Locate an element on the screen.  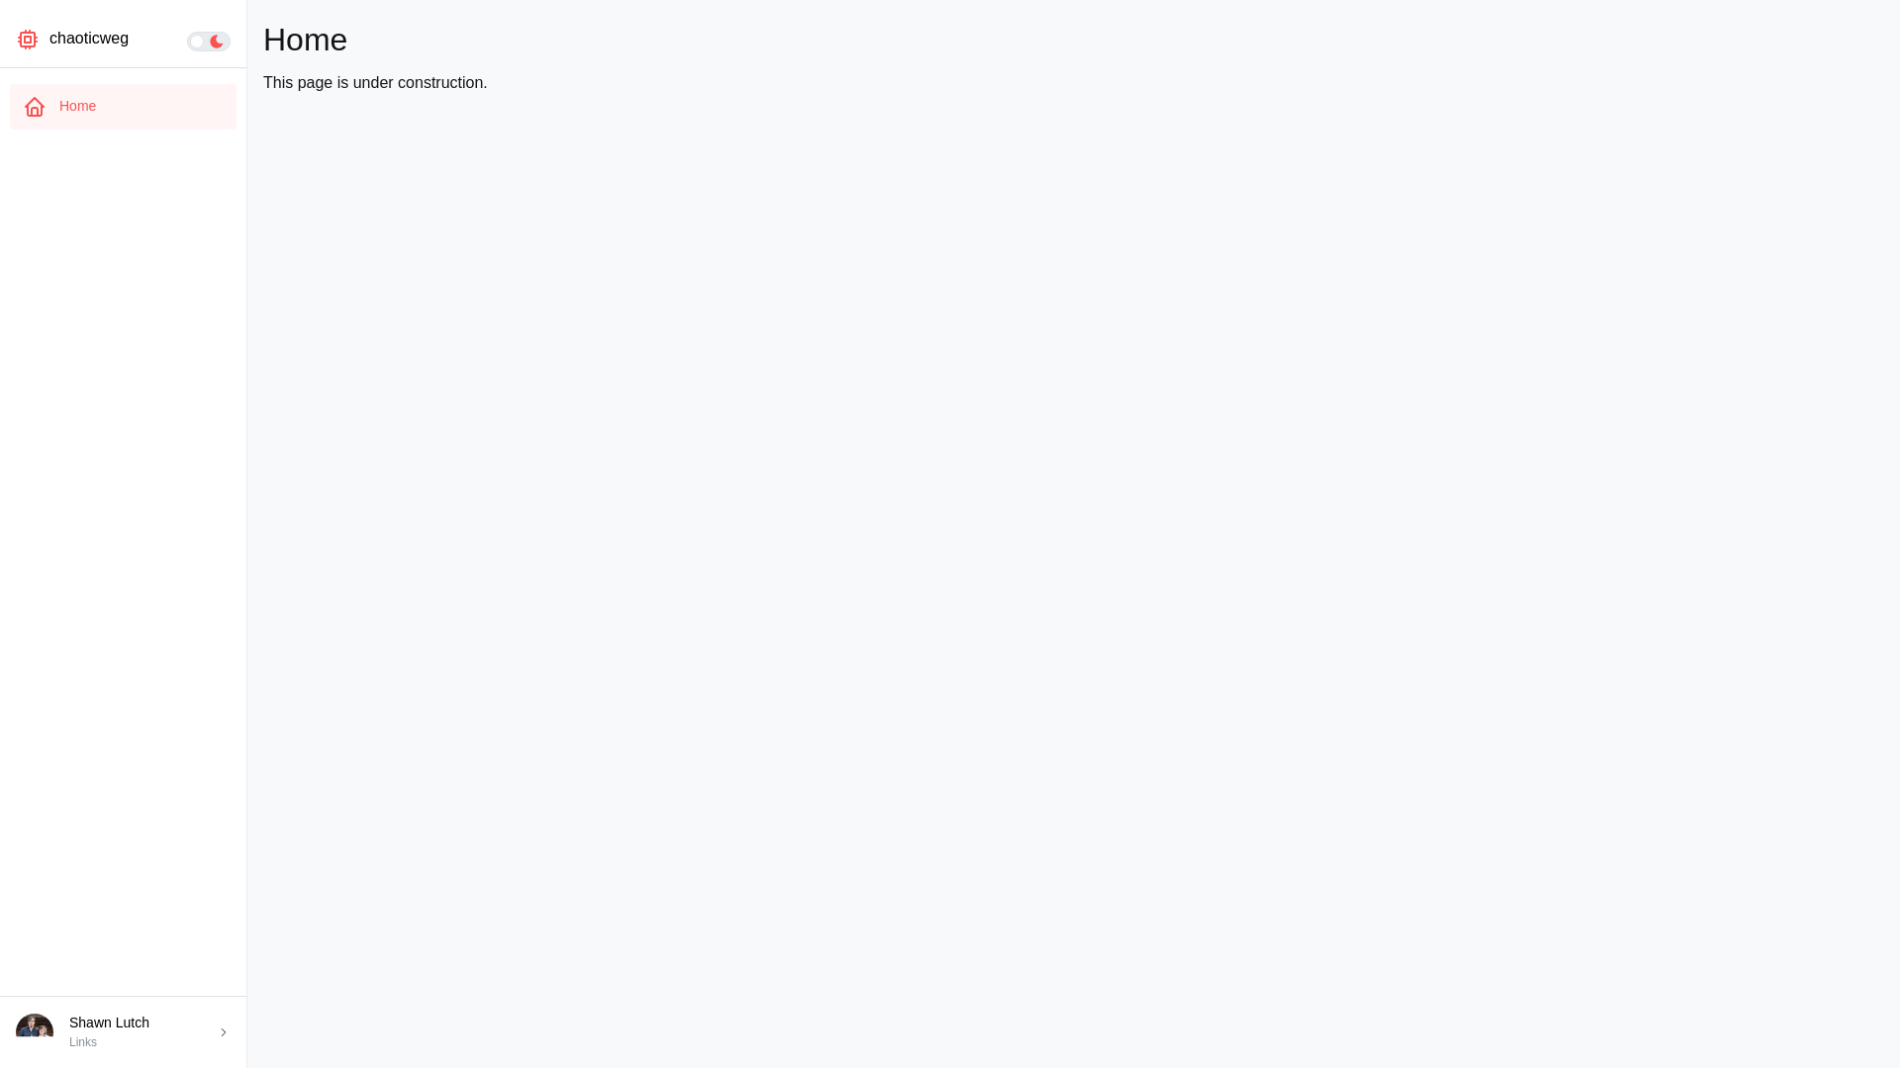
'Home' is located at coordinates (9, 107).